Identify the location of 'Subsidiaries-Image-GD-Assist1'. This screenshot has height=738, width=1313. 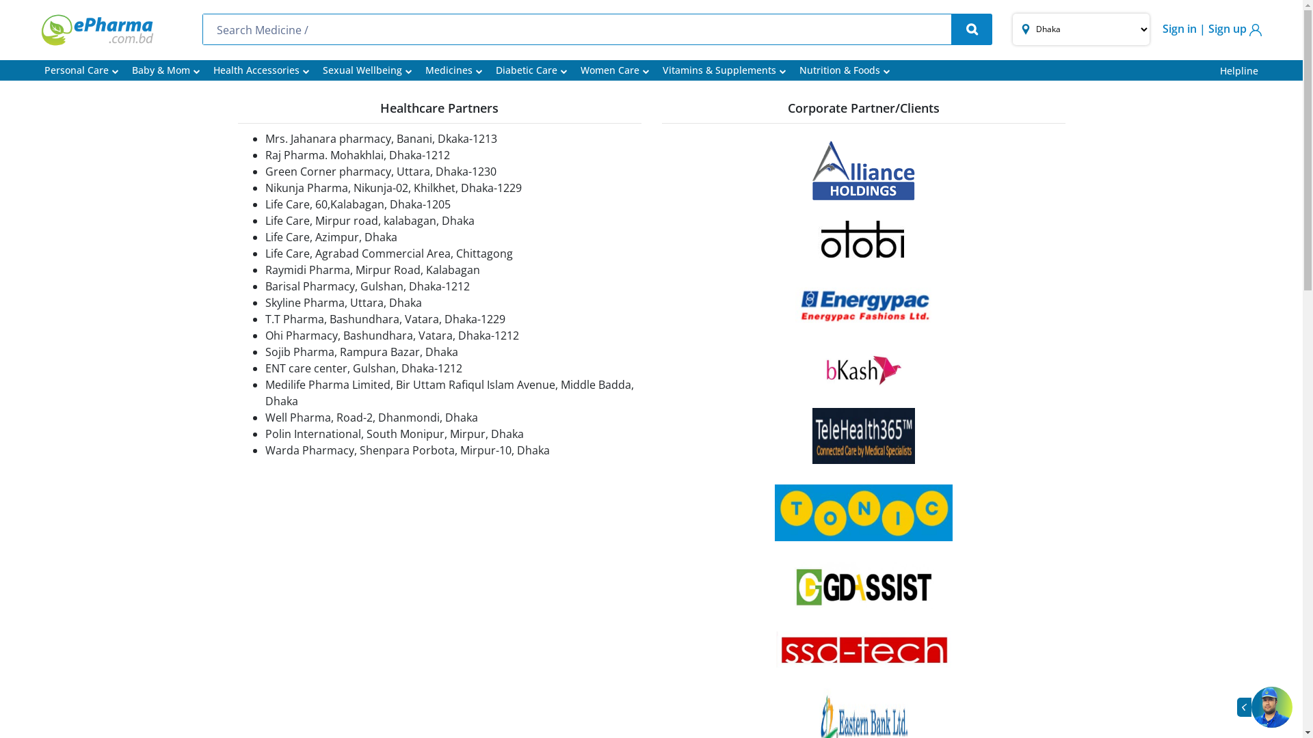
(862, 585).